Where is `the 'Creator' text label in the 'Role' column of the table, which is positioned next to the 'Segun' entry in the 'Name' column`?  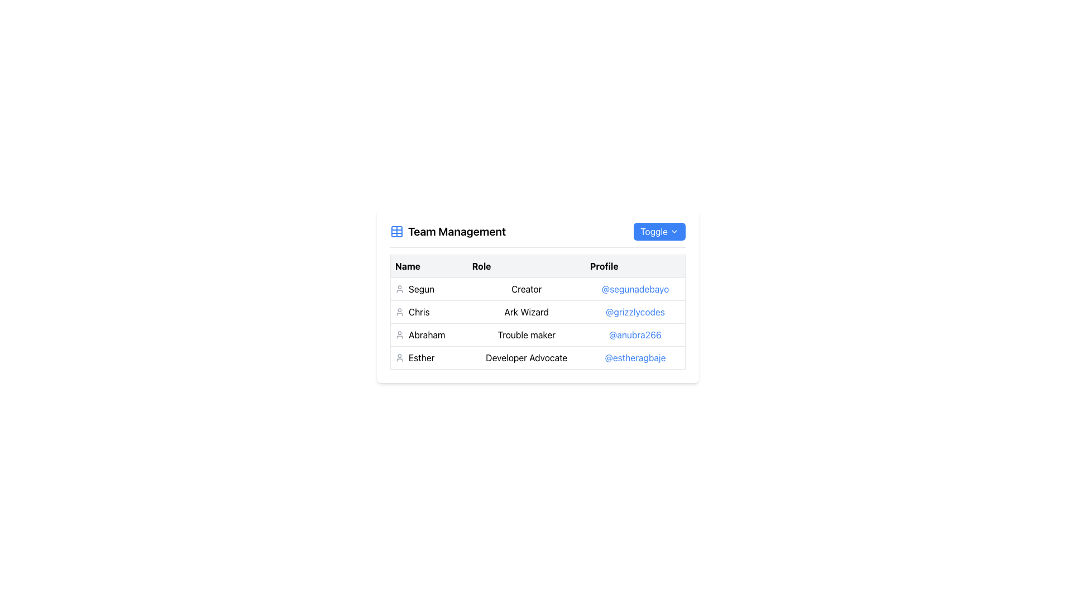 the 'Creator' text label in the 'Role' column of the table, which is positioned next to the 'Segun' entry in the 'Name' column is located at coordinates (526, 288).